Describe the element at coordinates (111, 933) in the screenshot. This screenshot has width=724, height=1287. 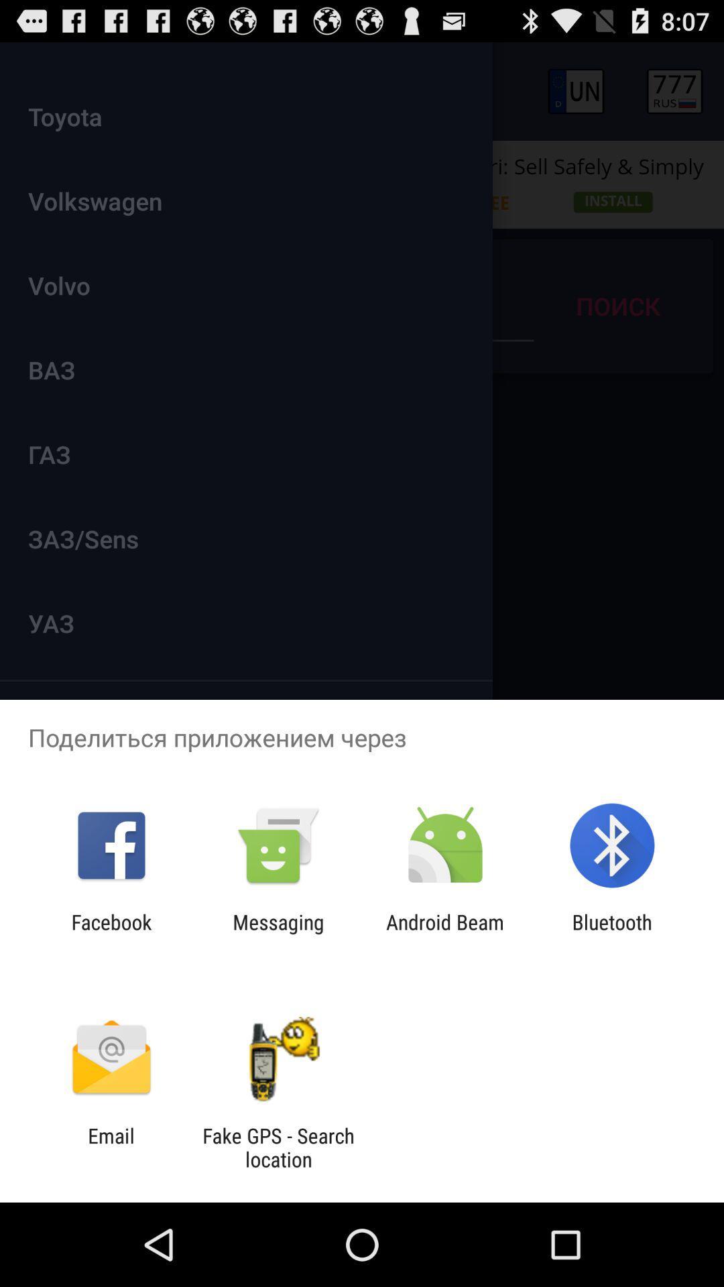
I see `item next to the messaging` at that location.